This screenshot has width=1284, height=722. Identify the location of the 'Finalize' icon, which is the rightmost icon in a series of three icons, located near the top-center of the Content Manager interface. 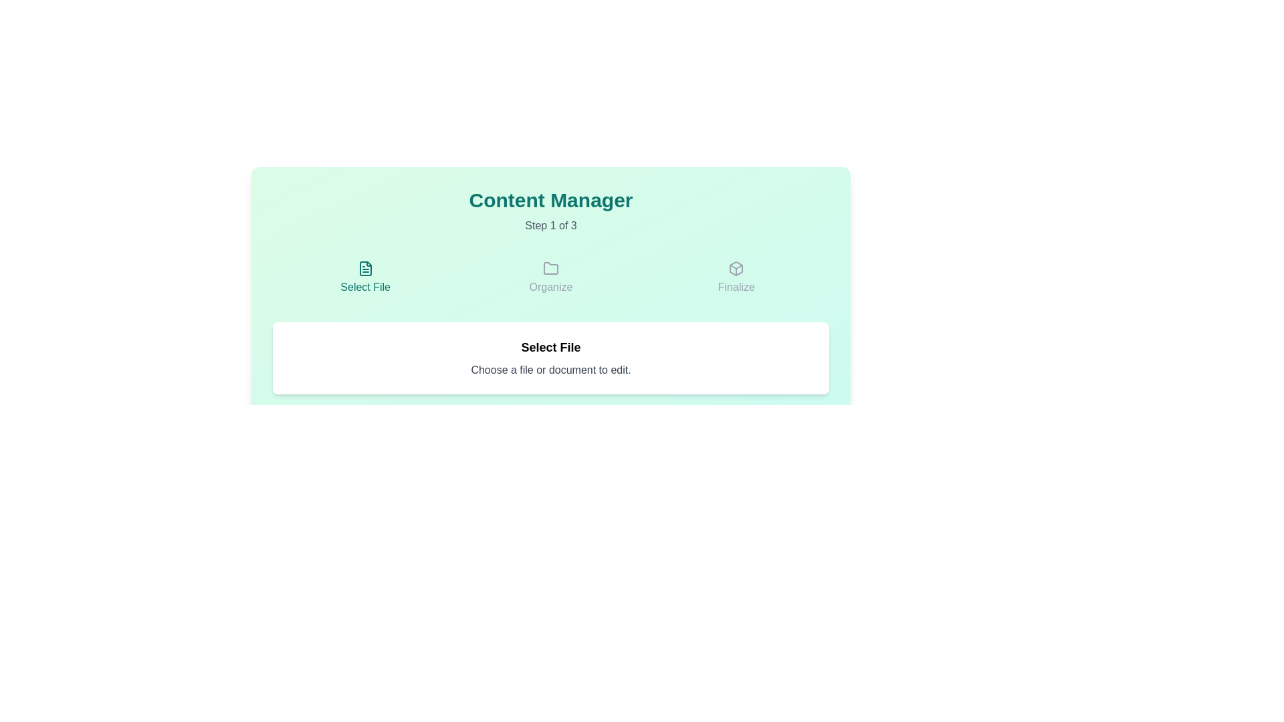
(736, 268).